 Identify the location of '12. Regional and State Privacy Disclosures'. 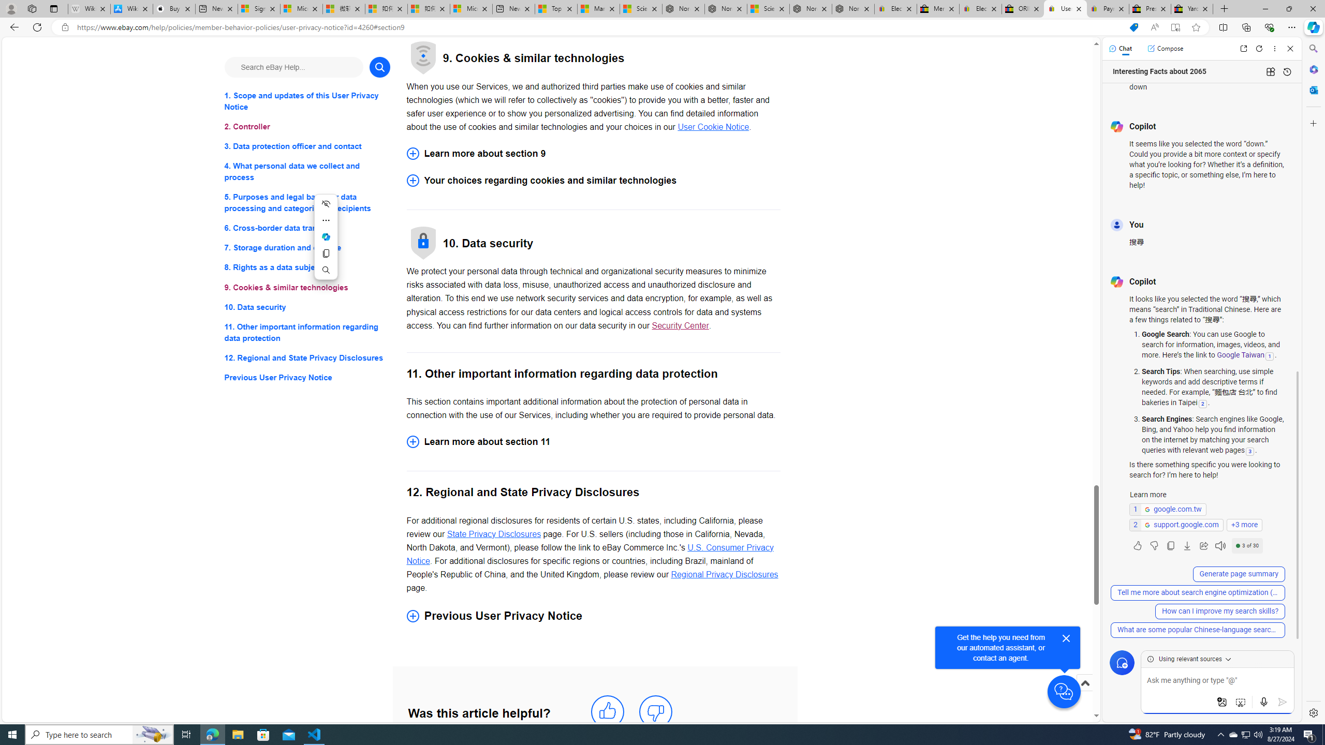
(306, 357).